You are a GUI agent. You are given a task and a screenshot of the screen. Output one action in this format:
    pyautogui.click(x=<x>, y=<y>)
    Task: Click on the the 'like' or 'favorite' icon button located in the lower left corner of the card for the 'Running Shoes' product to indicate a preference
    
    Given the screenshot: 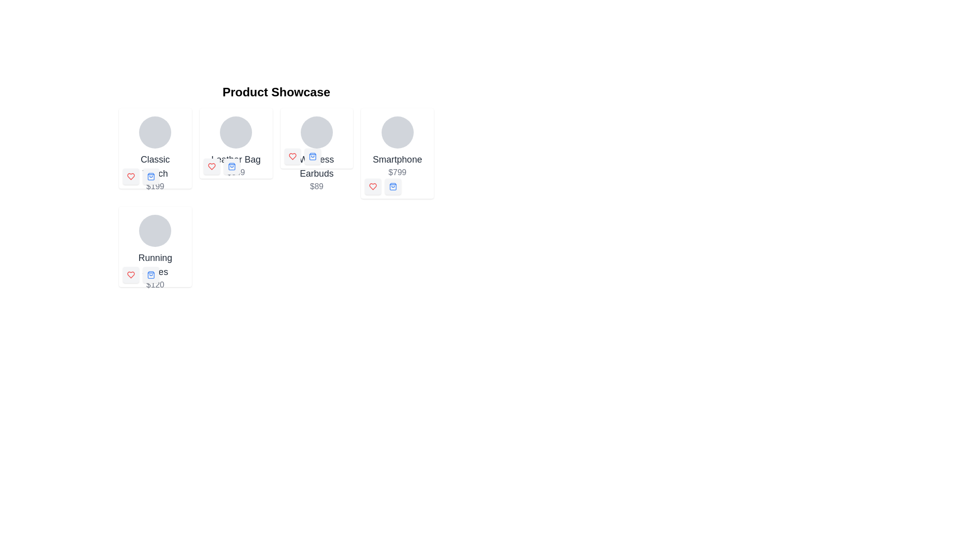 What is the action you would take?
    pyautogui.click(x=130, y=275)
    